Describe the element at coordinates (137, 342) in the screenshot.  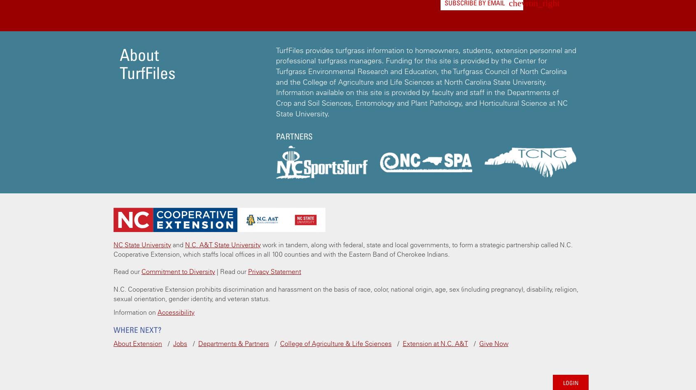
I see `'About Extension'` at that location.